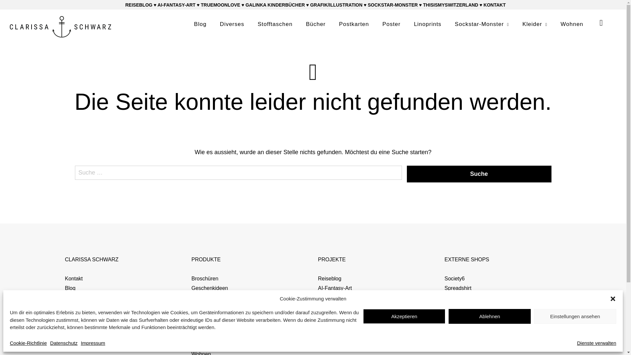 The image size is (631, 355). I want to click on 'AI-Fantasy-Art', so click(318, 288).